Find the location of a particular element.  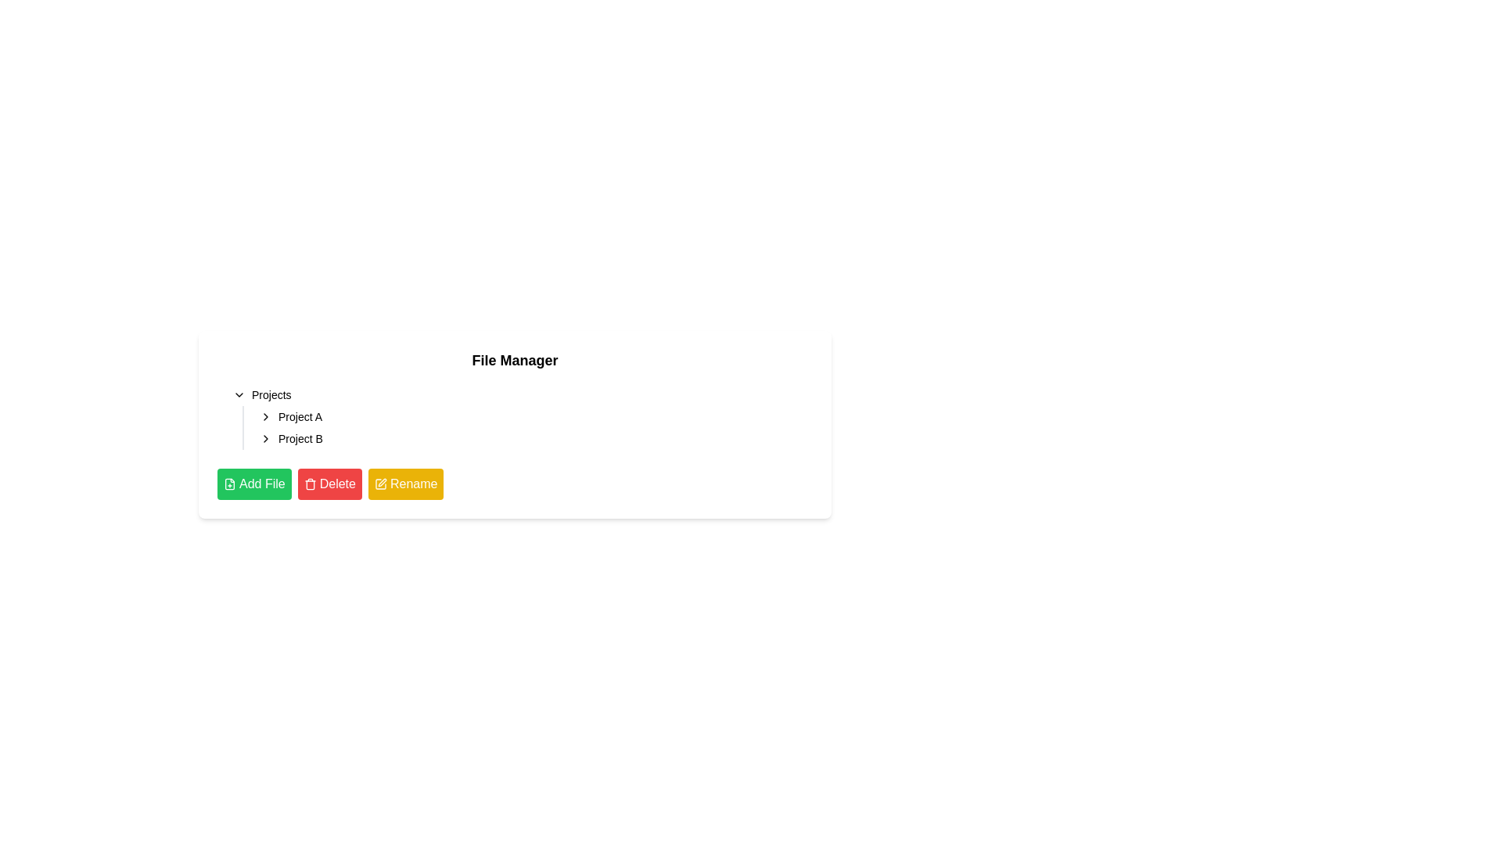

the renaming icon located to the left of the 'Rename' button in the file manager interface is located at coordinates (380, 483).